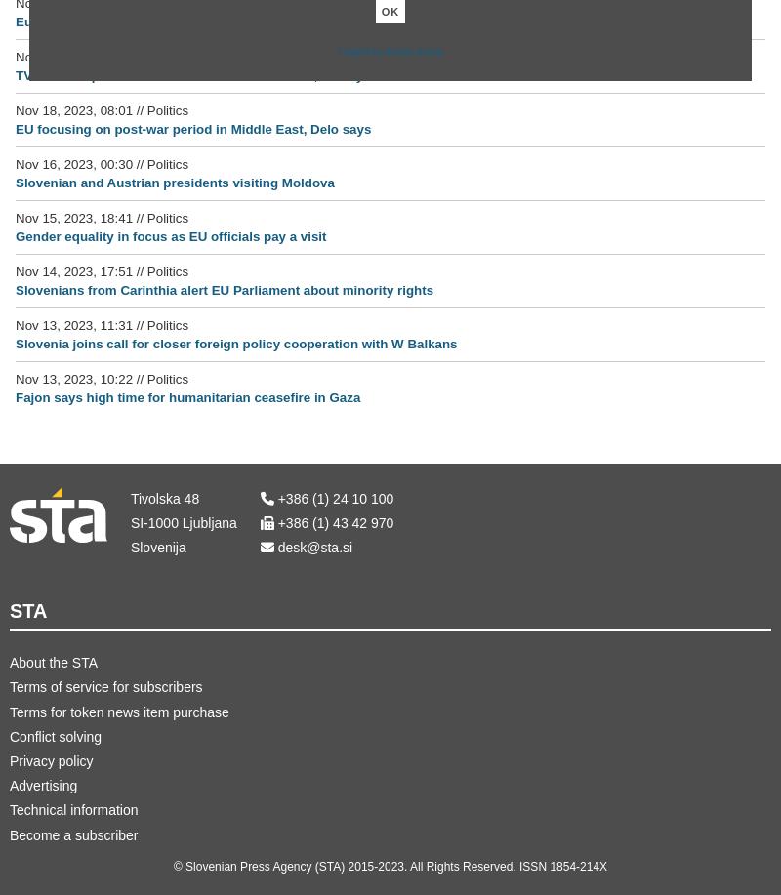 This screenshot has width=781, height=895. I want to click on '+386 (1) 43 42 970', so click(333, 521).